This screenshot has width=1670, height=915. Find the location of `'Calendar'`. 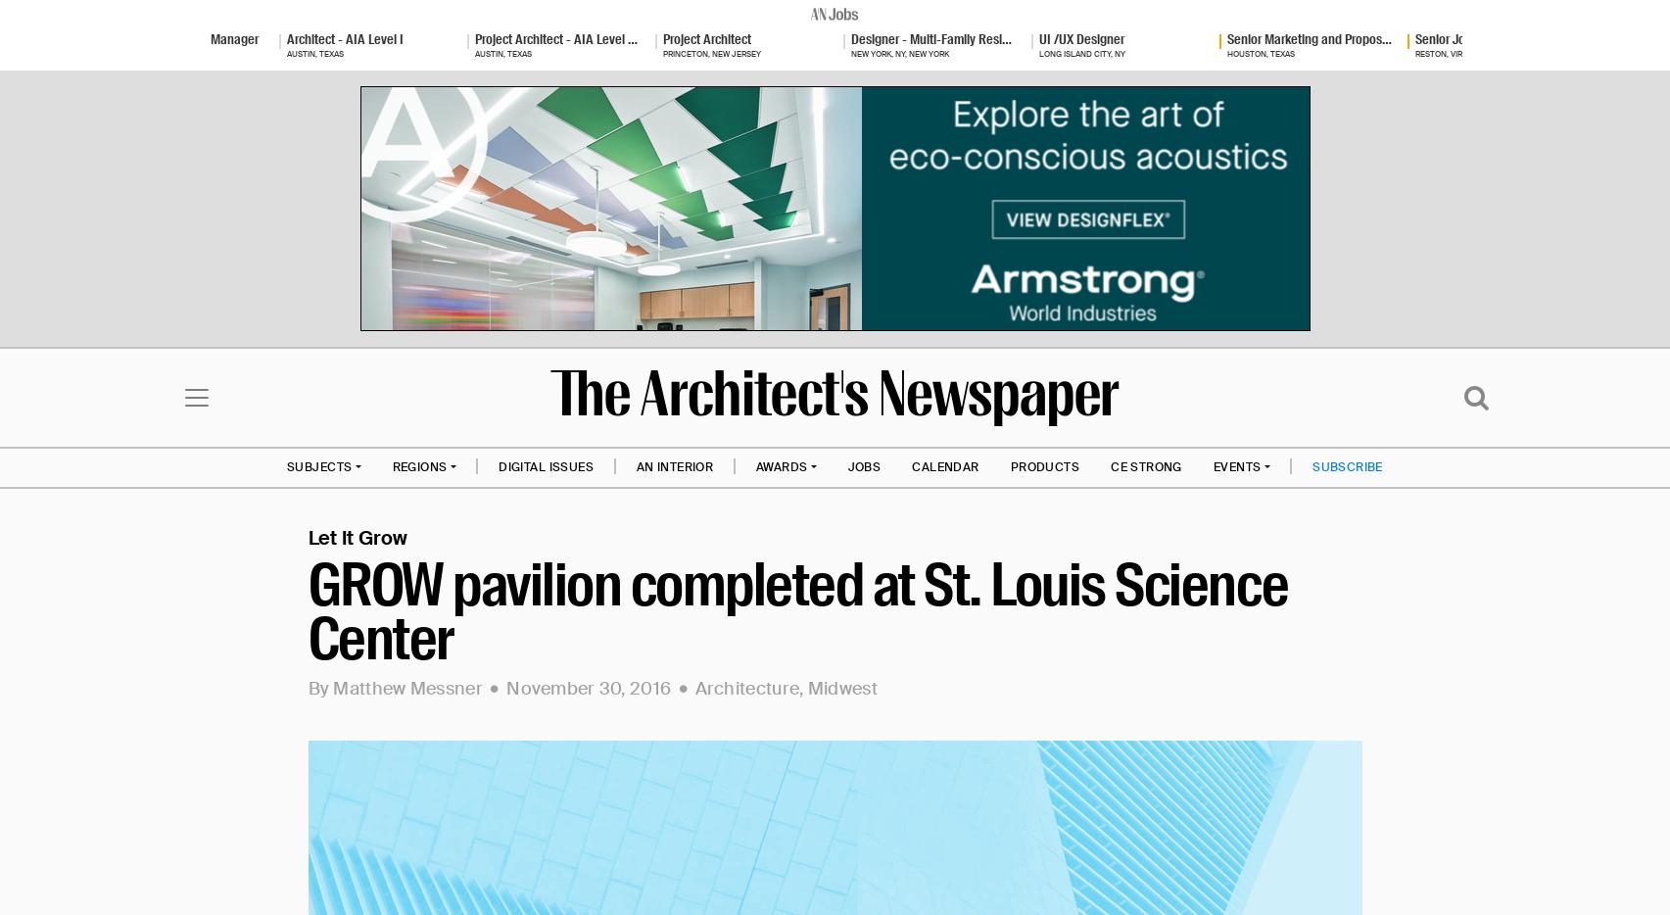

'Calendar' is located at coordinates (910, 464).